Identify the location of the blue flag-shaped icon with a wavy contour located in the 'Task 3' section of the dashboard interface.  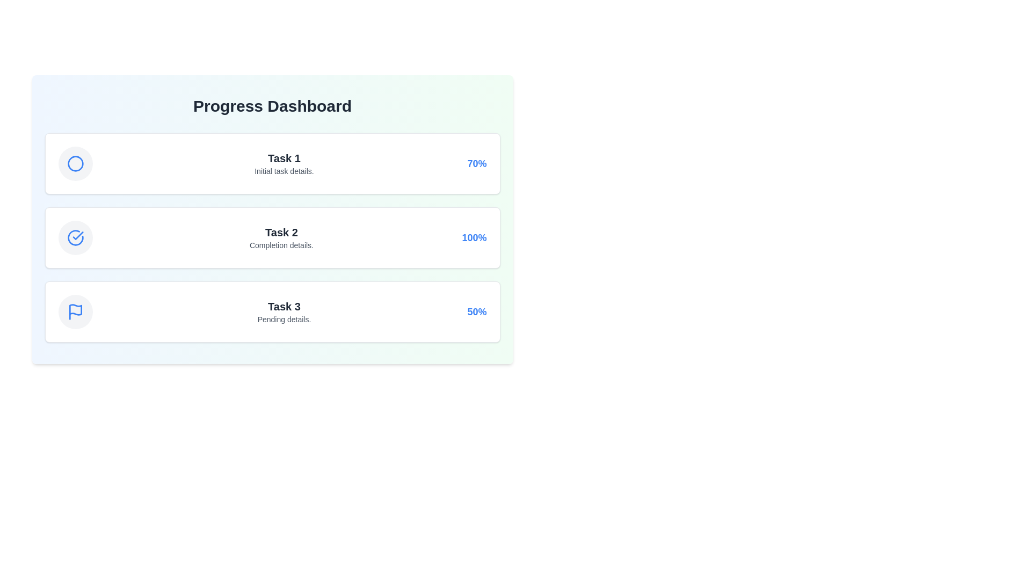
(75, 310).